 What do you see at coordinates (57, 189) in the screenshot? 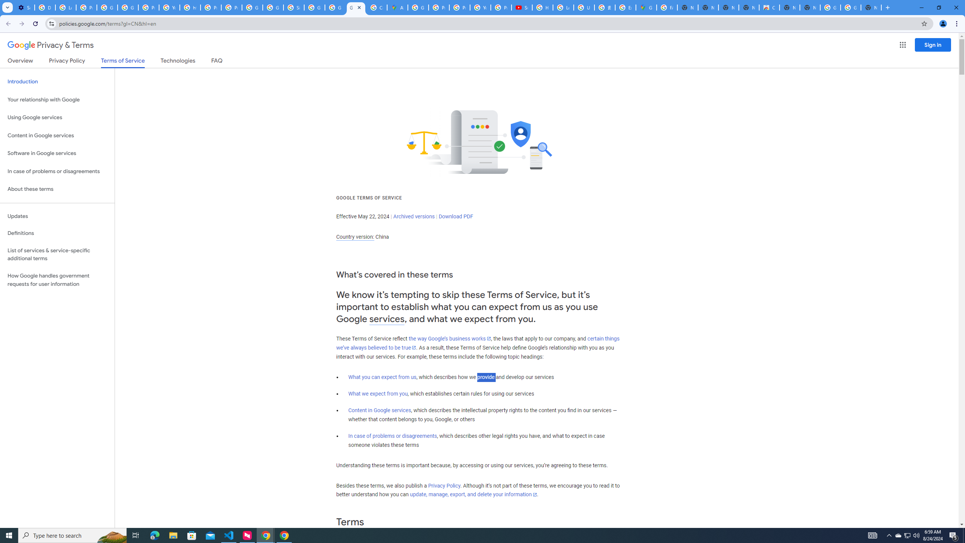
I see `'About these terms'` at bounding box center [57, 189].